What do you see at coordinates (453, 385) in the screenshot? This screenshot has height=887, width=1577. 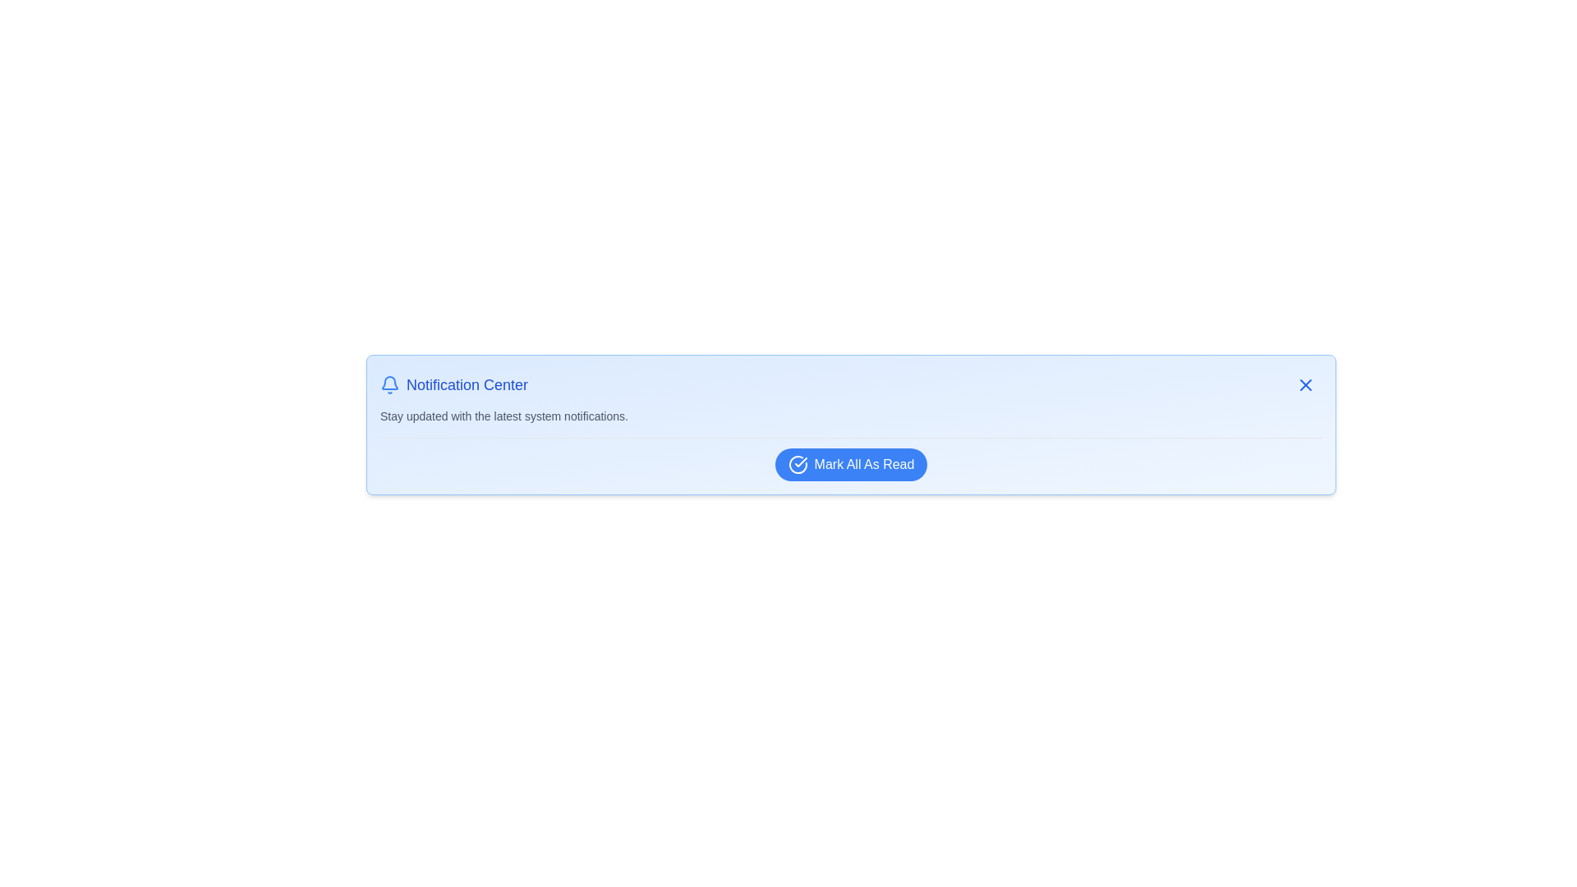 I see `the 'Notification Center' label which contains a bell icon, styled with medium blue color, located at the top-left of the notification panel` at bounding box center [453, 385].